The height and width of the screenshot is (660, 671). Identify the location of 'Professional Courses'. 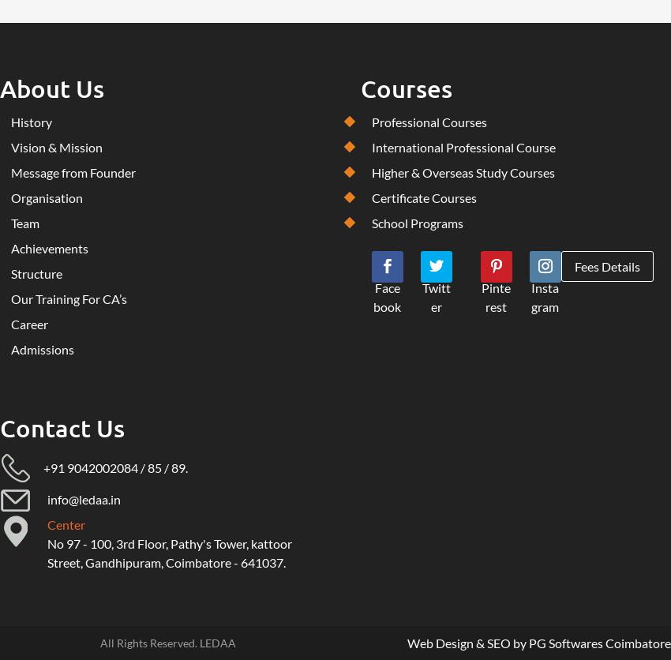
(427, 121).